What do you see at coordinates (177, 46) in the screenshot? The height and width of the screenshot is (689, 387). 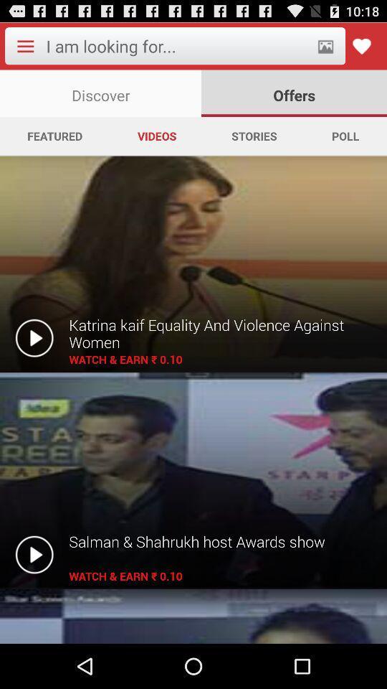 I see `open search bar` at bounding box center [177, 46].